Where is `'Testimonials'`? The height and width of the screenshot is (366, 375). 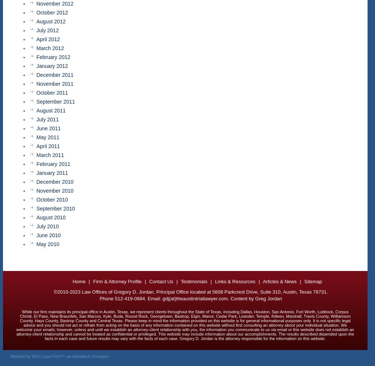 'Testimonials' is located at coordinates (194, 281).